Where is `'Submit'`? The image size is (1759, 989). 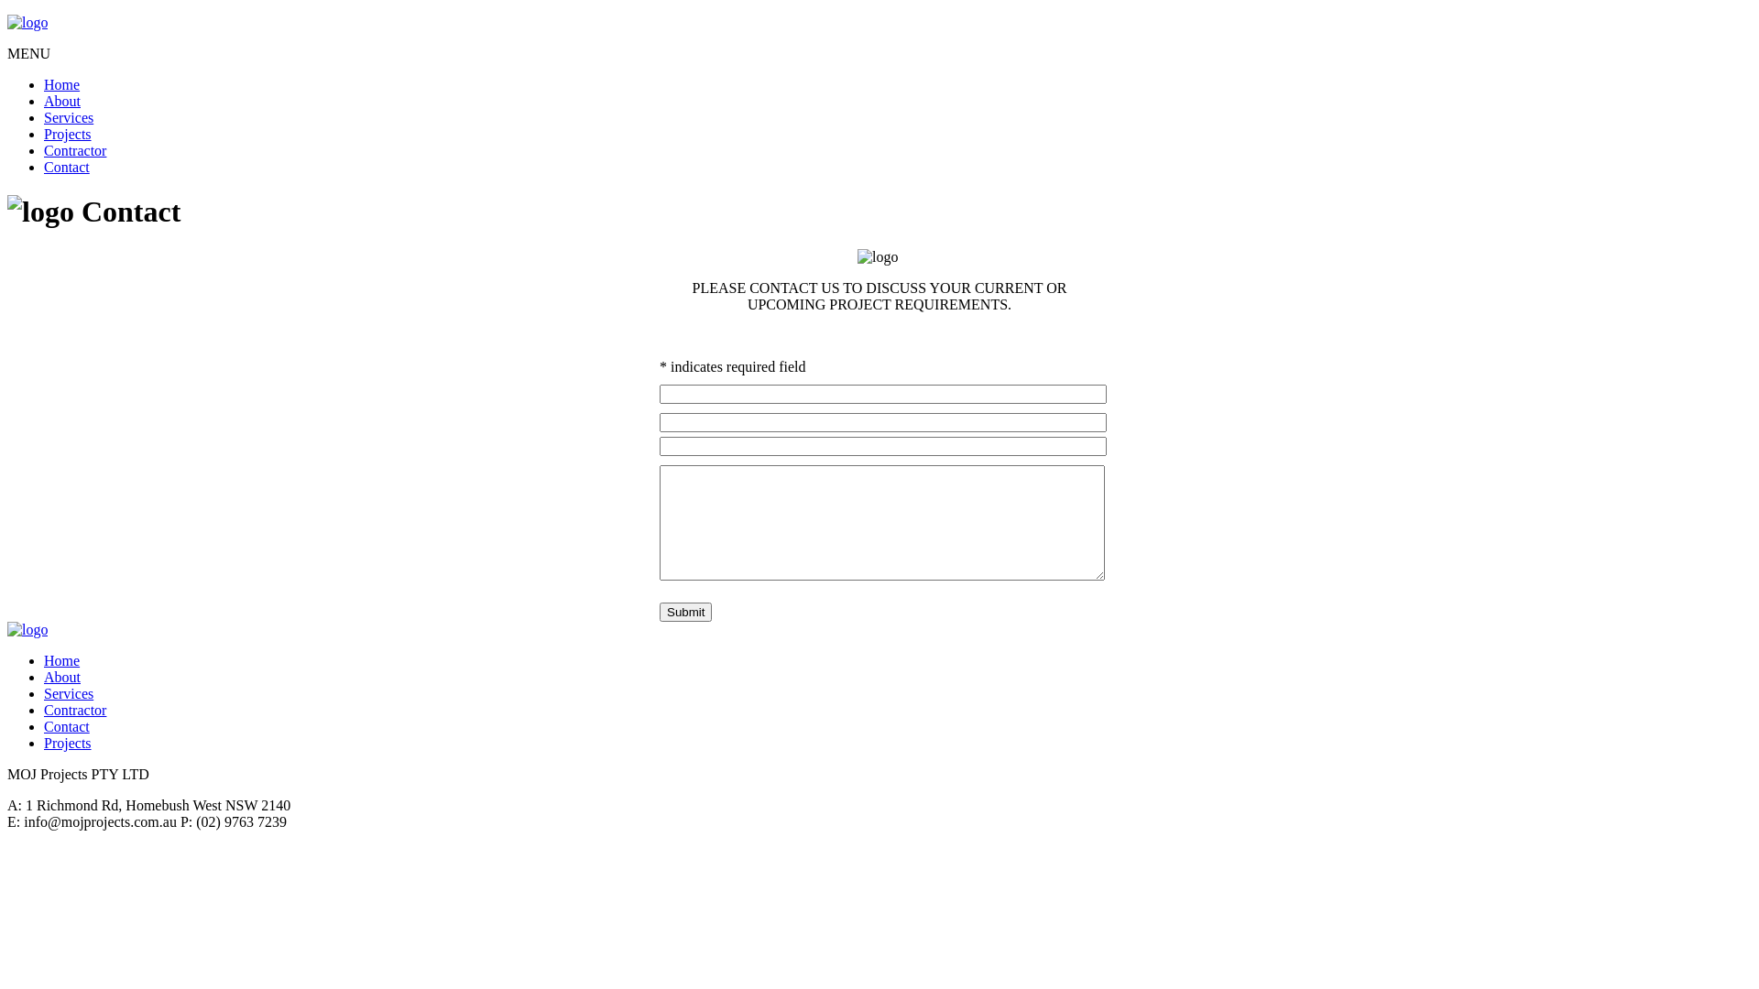 'Submit' is located at coordinates (684, 612).